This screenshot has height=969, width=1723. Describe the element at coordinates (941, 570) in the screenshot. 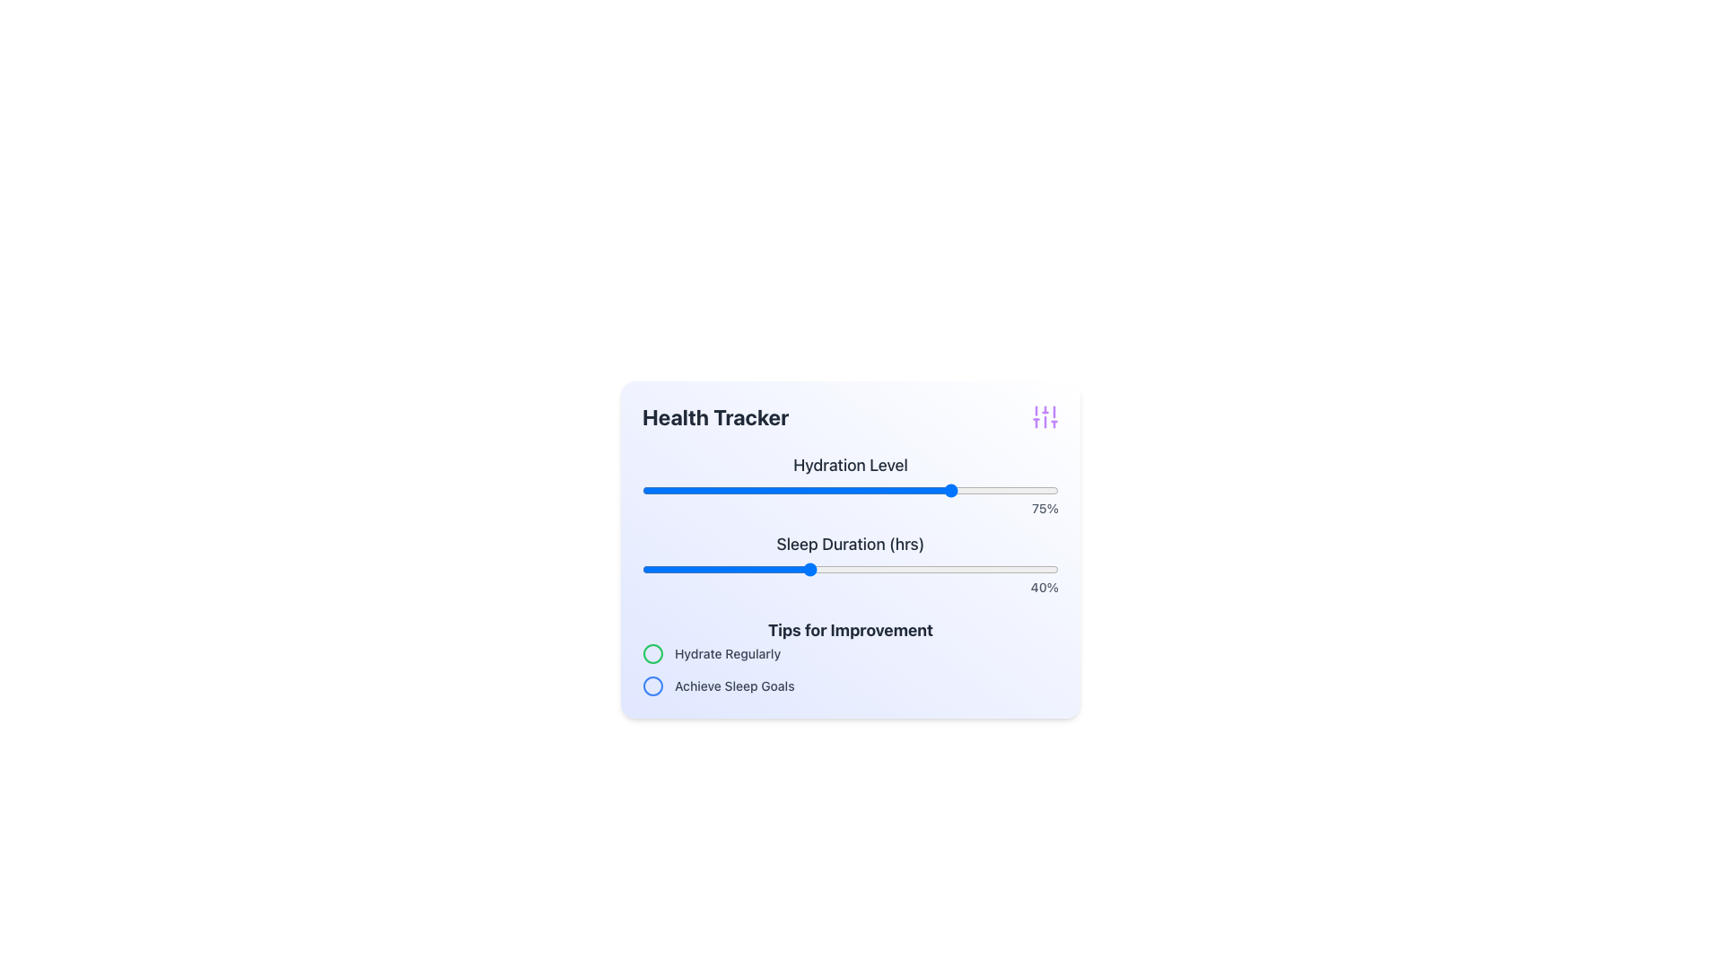

I see `the sleep duration` at that location.